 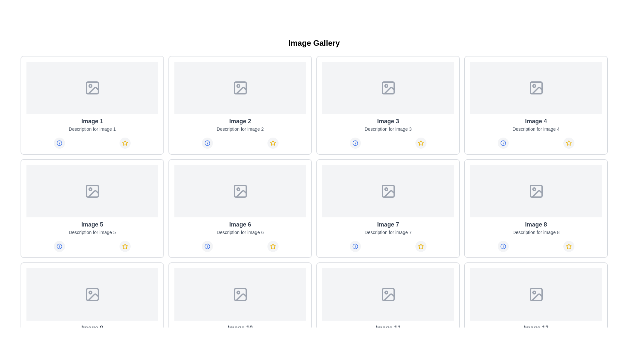 What do you see at coordinates (240, 328) in the screenshot?
I see `the text label identifying the content of the card as 'Image 10', located in the lower-central portion of the card, above the description text and below the image placeholder` at bounding box center [240, 328].